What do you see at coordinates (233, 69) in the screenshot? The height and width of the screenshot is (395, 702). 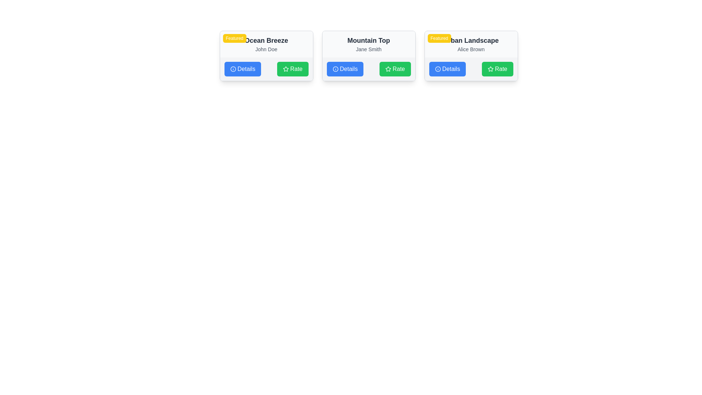 I see `the graphical decorative icon located in the top-left corner of the interface within the first card of the row` at bounding box center [233, 69].